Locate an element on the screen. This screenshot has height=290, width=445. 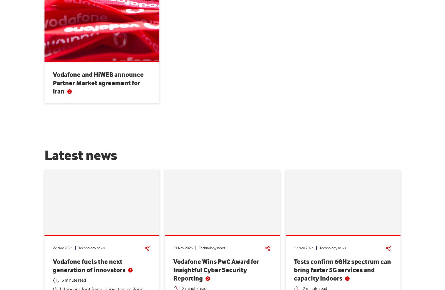
'22 Nov 2023' is located at coordinates (62, 248).